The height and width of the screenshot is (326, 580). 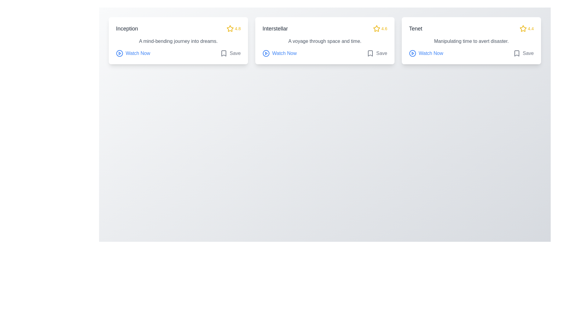 What do you see at coordinates (523, 28) in the screenshot?
I see `the star-shaped rating icon with a golden yellow border located at the top right corner of the card for the movie 'Tenet'` at bounding box center [523, 28].